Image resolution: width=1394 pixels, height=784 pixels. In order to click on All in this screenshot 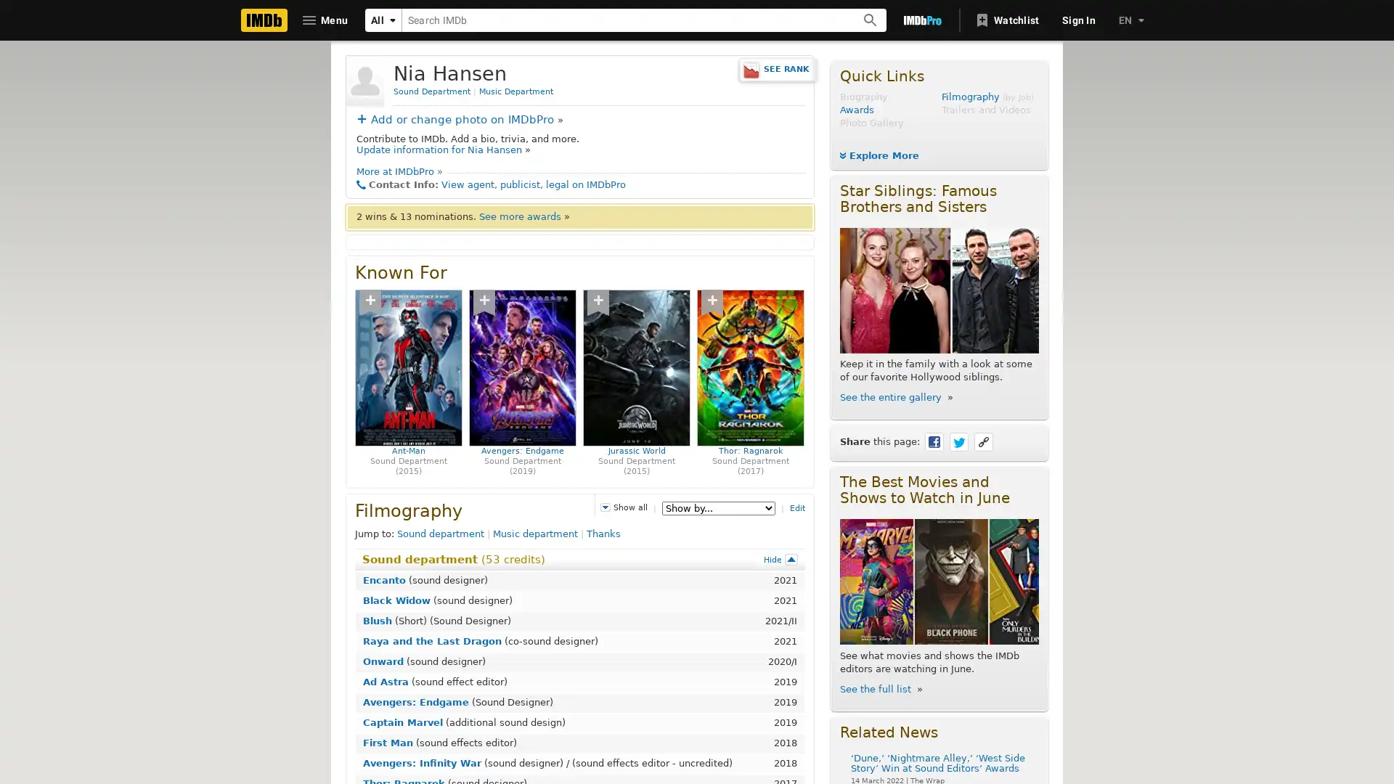, I will do `click(383, 20)`.